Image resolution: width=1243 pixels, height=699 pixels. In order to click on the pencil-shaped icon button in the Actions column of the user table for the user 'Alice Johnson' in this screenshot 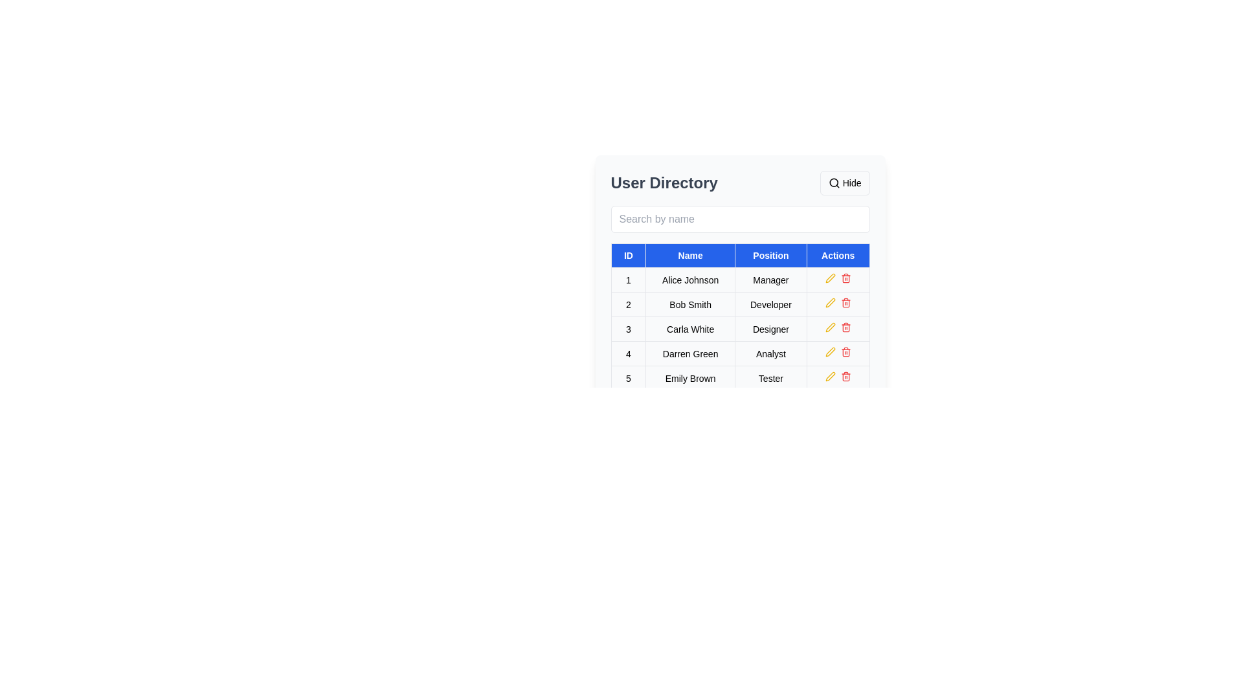, I will do `click(830, 277)`.